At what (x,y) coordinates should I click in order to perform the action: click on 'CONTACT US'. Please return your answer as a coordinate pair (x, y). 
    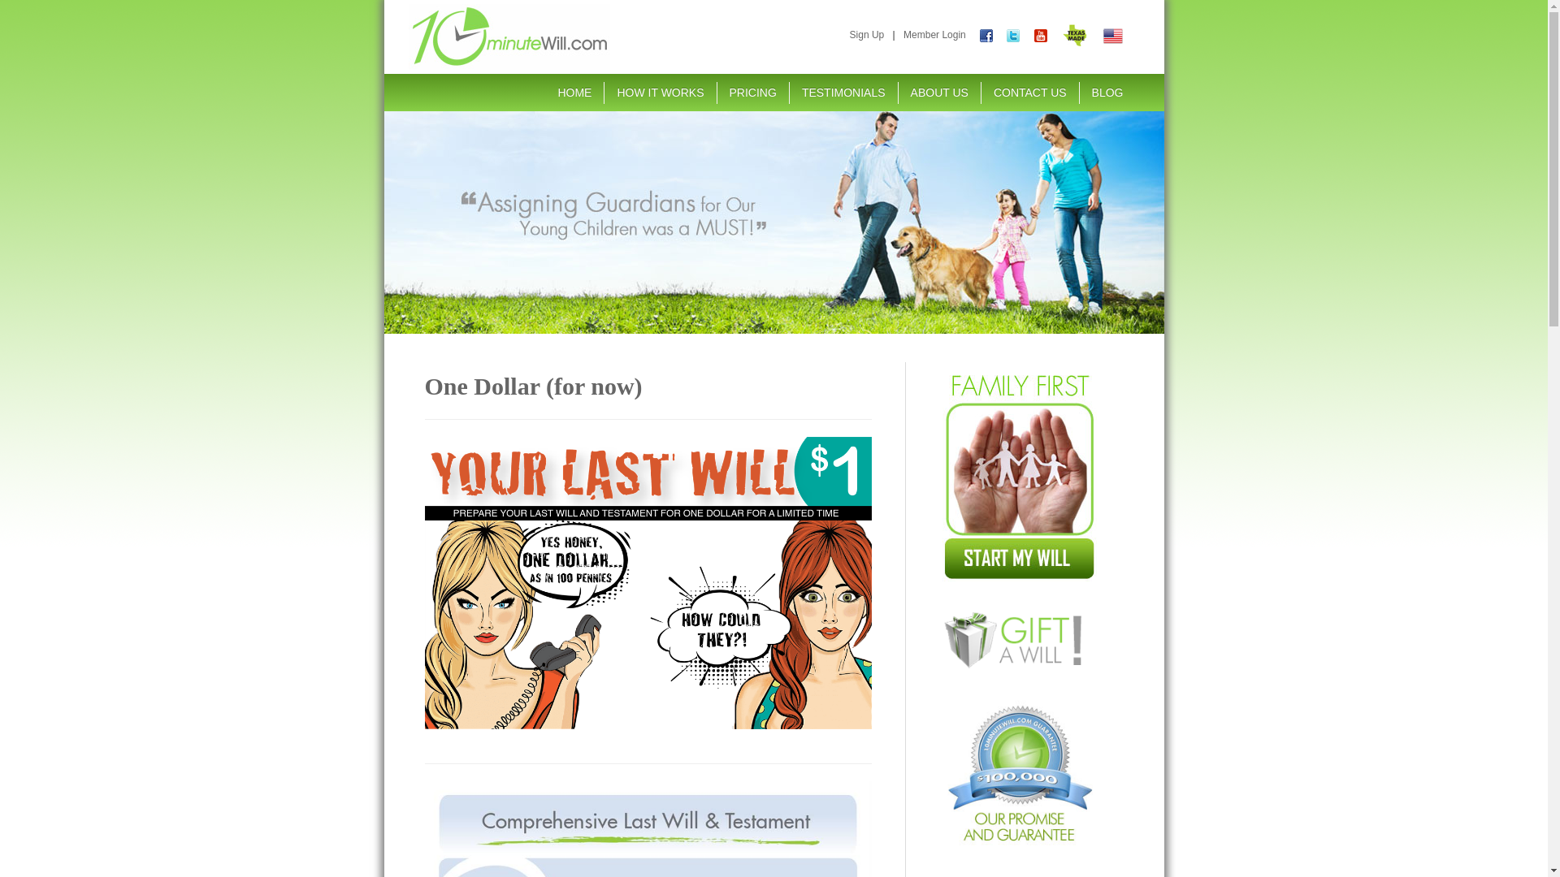
    Looking at the image, I should click on (1029, 93).